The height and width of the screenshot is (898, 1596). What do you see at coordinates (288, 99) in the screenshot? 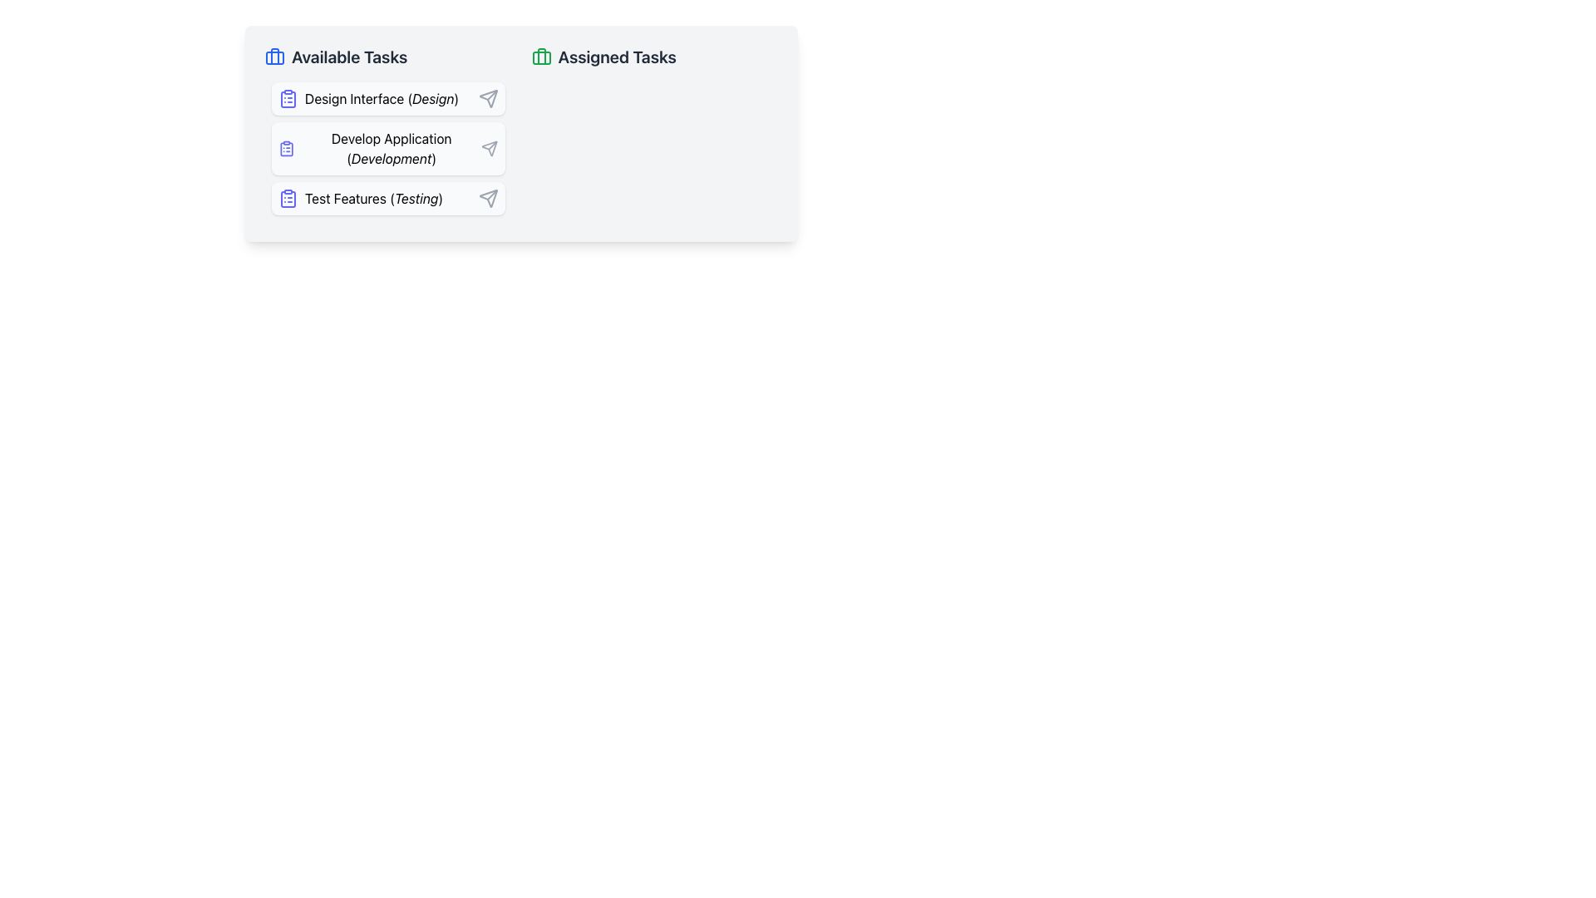
I see `the clipboard-shaped icon with vibrant indigo color, which is the first item in the 'Available Tasks' section and precedes the text 'Design Interface (Design)'` at bounding box center [288, 99].